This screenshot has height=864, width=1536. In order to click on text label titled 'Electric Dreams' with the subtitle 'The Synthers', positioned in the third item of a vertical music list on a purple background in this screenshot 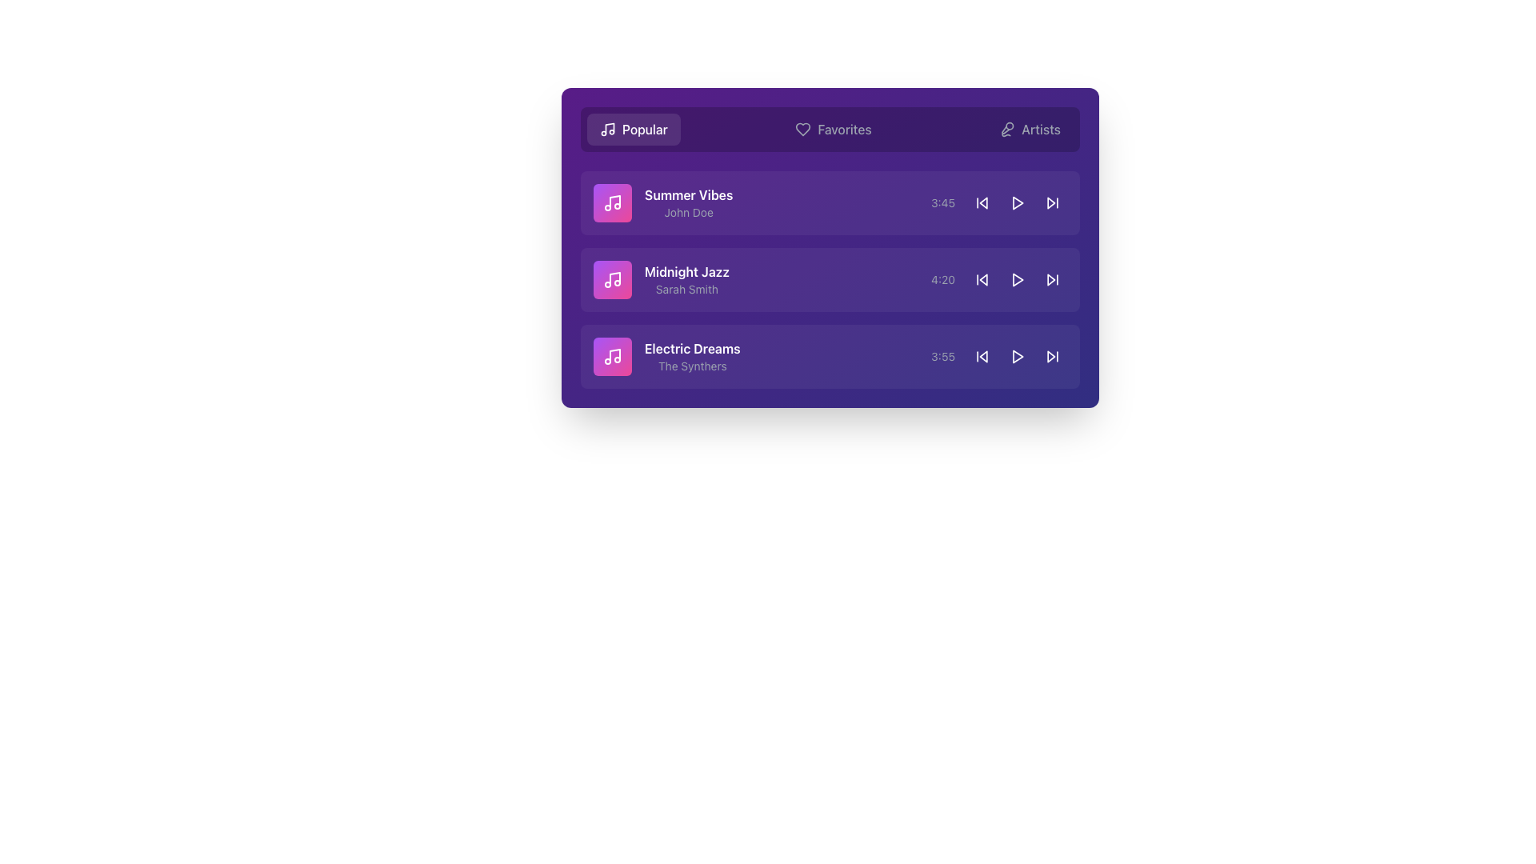, I will do `click(692, 356)`.